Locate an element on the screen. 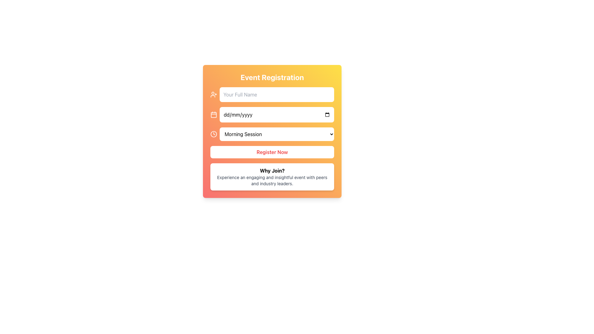  the text label displaying 'Event Registration', which is styled in bold white font against a vibrant yellow to red gradient background, located at the top of the form interface is located at coordinates (272, 77).